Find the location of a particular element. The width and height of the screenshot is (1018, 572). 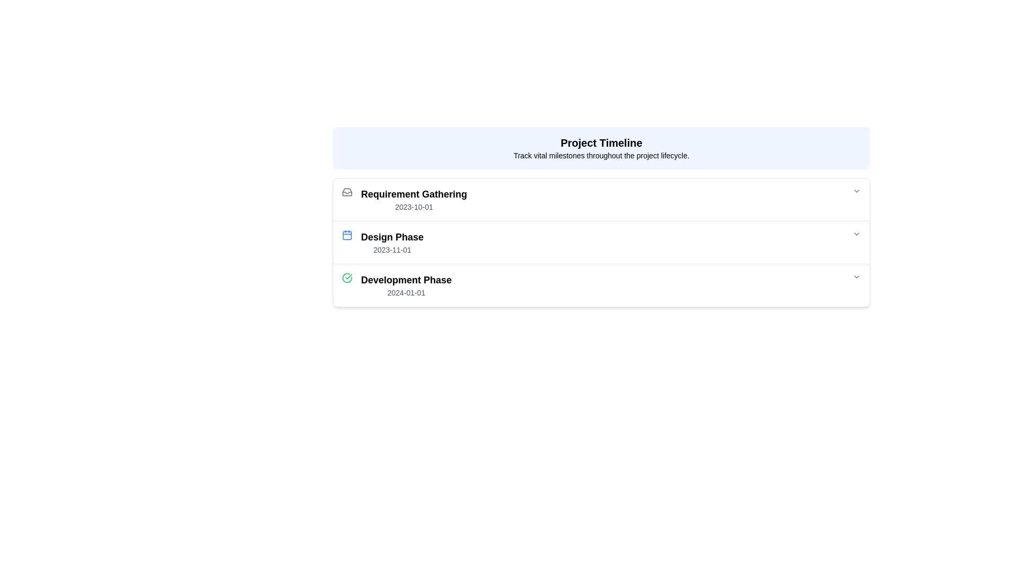

the 'Design Phase' text label which is styled as a section title in bold and slightly larger font is located at coordinates (391, 236).